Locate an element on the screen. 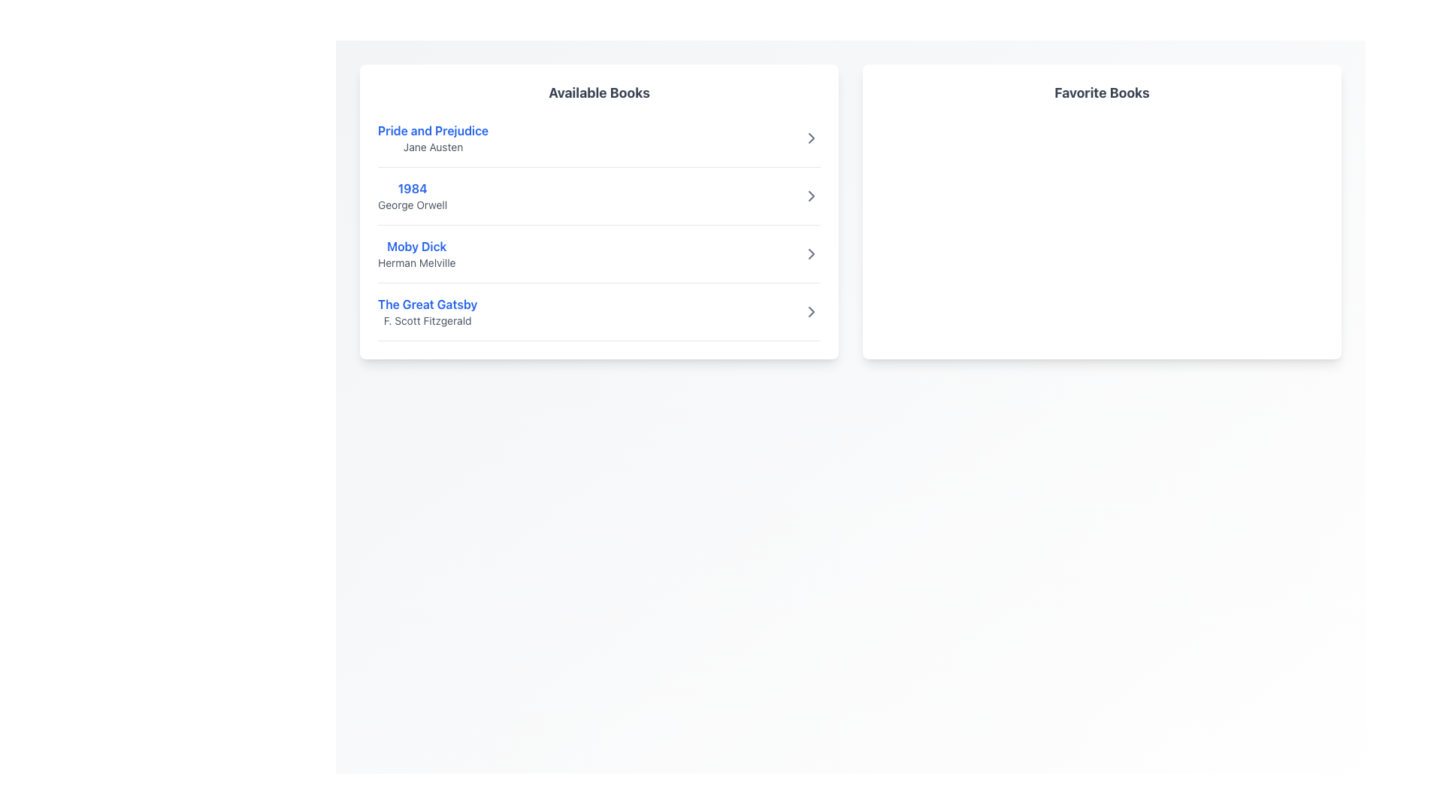  the text element displaying the title 'Pride and Prejudice' in a bold blue font, located at the top of the list of book titles within the 'Available Books' card is located at coordinates (432, 129).